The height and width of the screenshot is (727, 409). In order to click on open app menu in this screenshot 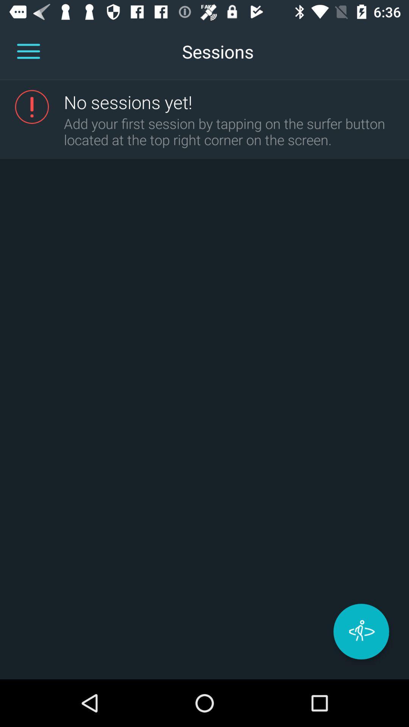, I will do `click(28, 51)`.